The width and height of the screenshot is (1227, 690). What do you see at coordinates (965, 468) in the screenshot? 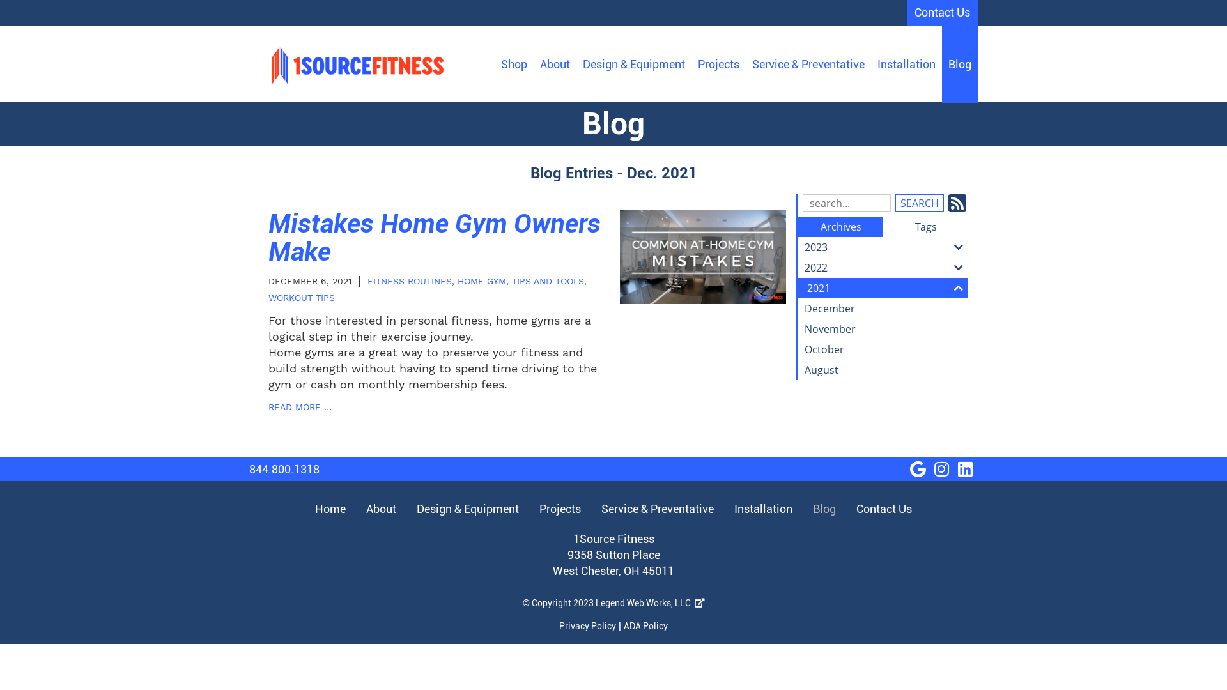
I see `'visit our LinkedIn page'` at bounding box center [965, 468].